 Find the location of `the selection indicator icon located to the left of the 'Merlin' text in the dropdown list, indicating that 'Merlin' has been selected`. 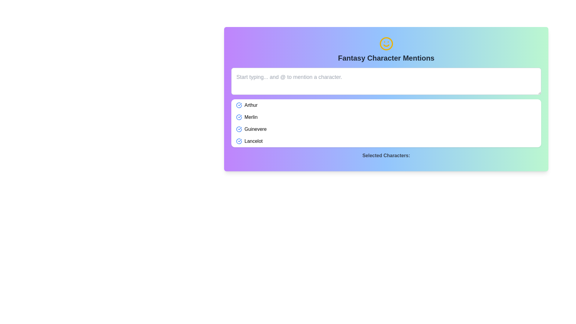

the selection indicator icon located to the left of the 'Merlin' text in the dropdown list, indicating that 'Merlin' has been selected is located at coordinates (238, 117).